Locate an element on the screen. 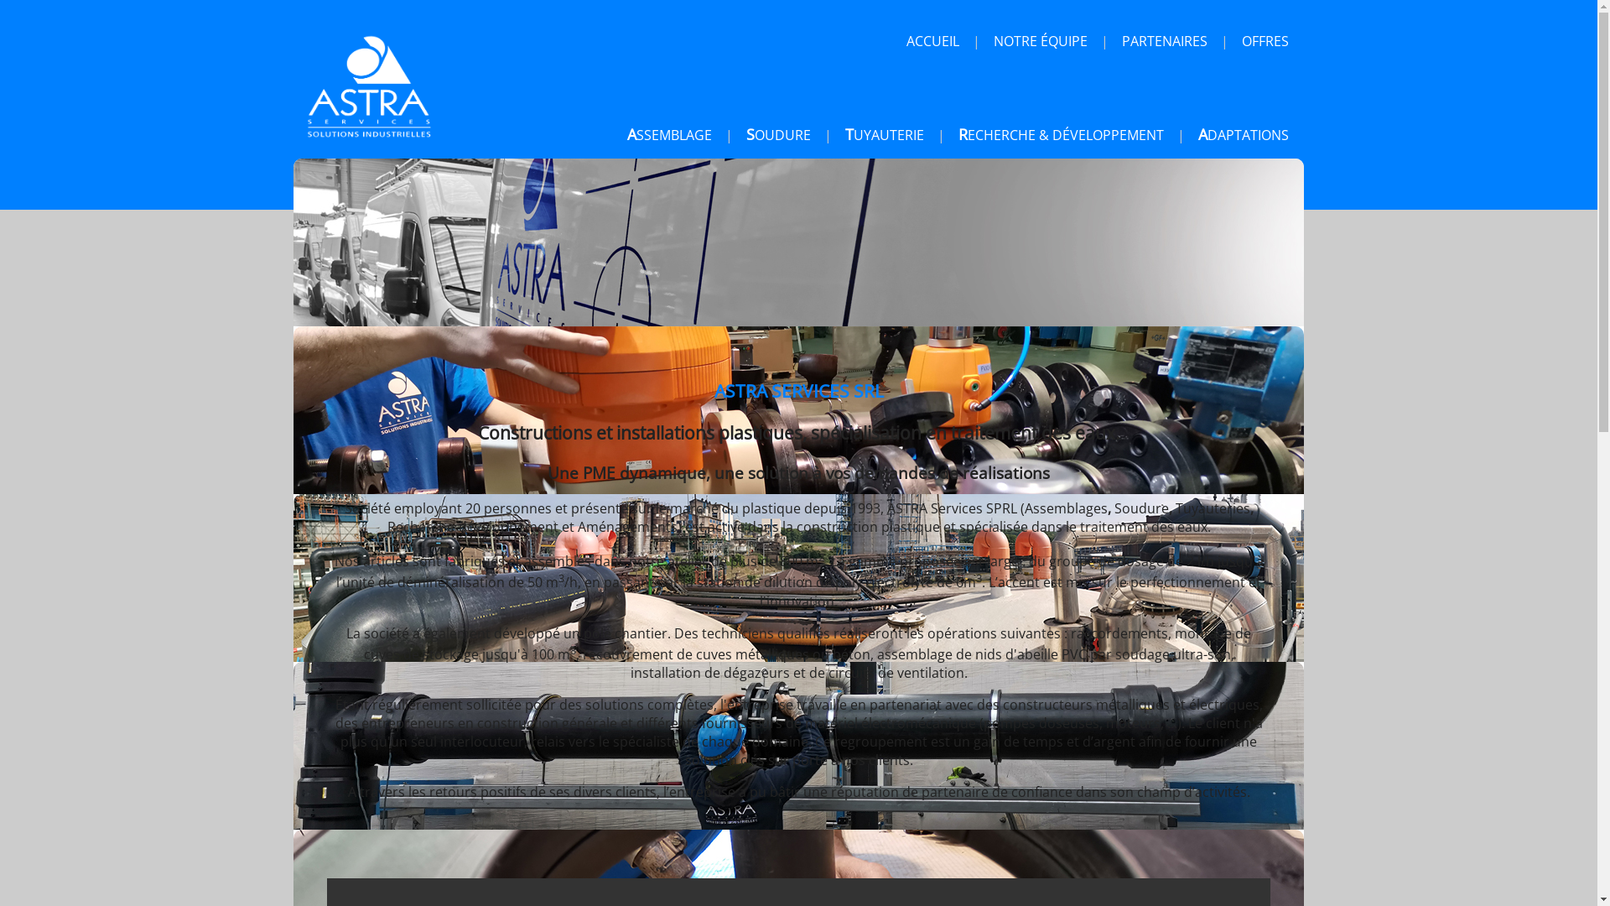 The height and width of the screenshot is (906, 1610). 'ADAPTATIONS' is located at coordinates (1190, 134).